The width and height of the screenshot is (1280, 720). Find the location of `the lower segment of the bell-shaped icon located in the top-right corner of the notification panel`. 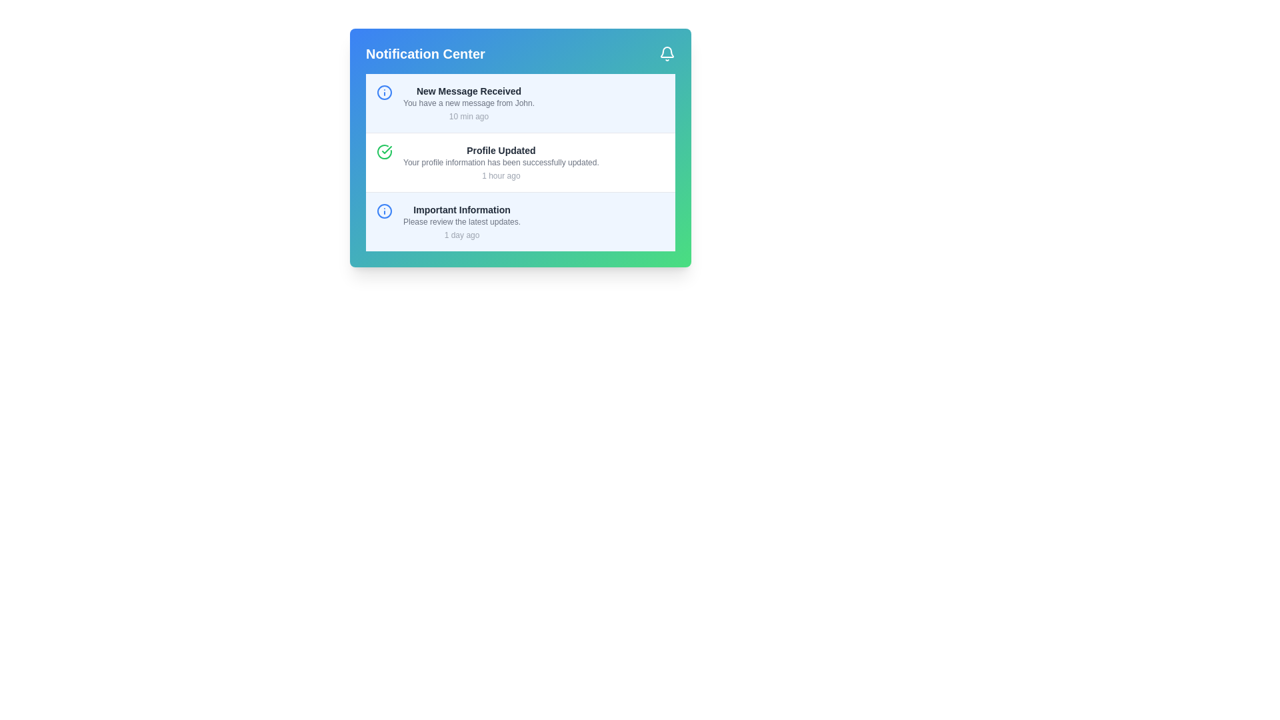

the lower segment of the bell-shaped icon located in the top-right corner of the notification panel is located at coordinates (667, 51).